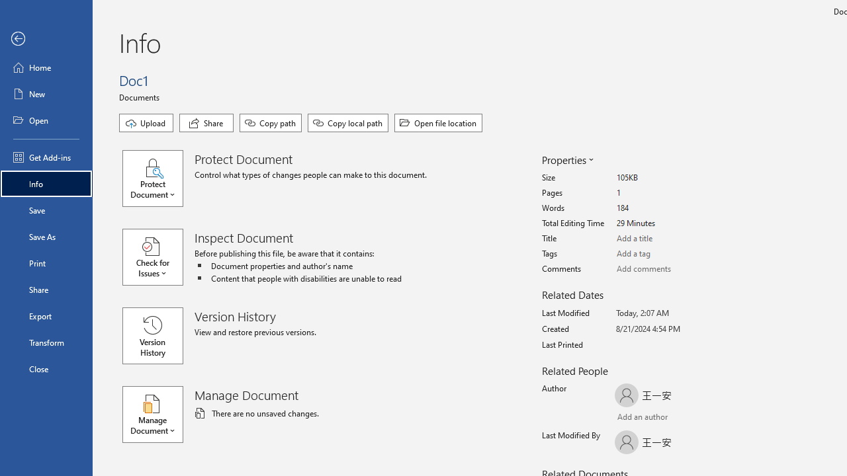 The width and height of the screenshot is (847, 476). I want to click on 'Print', so click(46, 263).